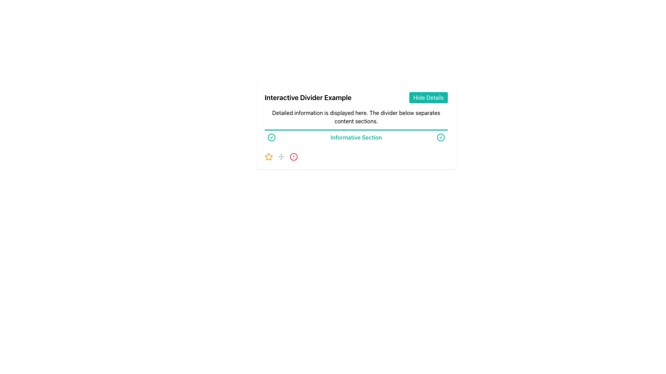 The height and width of the screenshot is (374, 666). I want to click on the circular ring with a teal stroke that is part of the interactive SVG icon located beside the 'Informative Section' label, so click(271, 137).